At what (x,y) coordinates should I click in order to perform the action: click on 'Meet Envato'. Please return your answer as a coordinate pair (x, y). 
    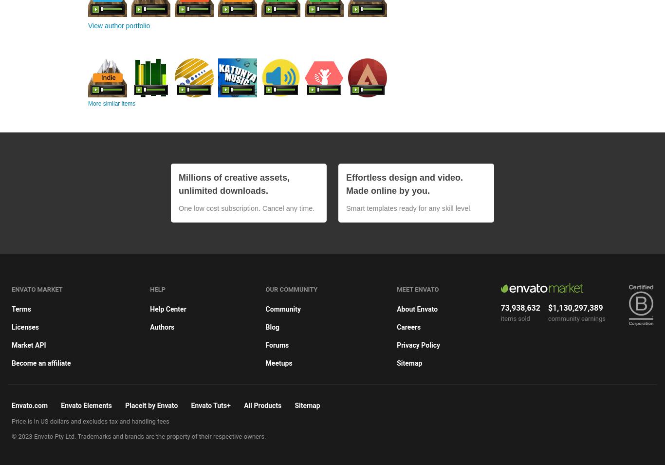
    Looking at the image, I should click on (417, 289).